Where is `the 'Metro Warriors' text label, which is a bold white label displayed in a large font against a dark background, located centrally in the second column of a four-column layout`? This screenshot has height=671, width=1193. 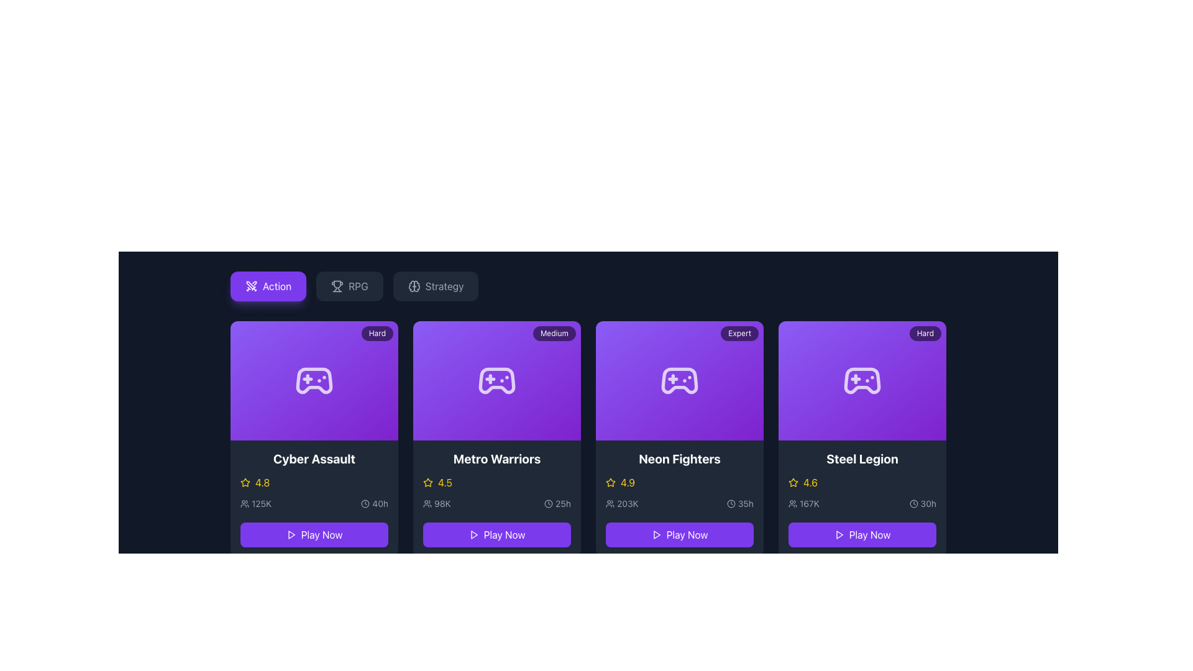 the 'Metro Warriors' text label, which is a bold white label displayed in a large font against a dark background, located centrally in the second column of a four-column layout is located at coordinates (497, 459).